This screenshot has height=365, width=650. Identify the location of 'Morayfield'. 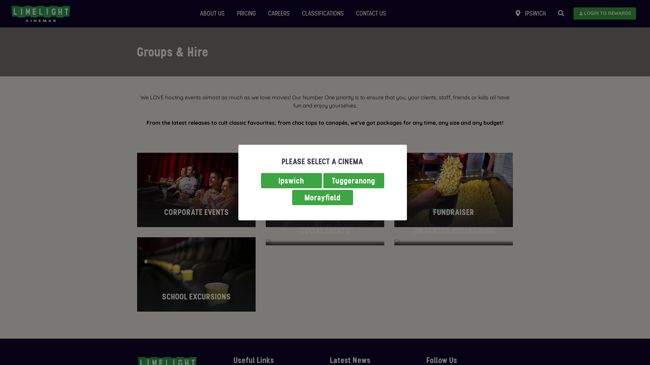
(322, 197).